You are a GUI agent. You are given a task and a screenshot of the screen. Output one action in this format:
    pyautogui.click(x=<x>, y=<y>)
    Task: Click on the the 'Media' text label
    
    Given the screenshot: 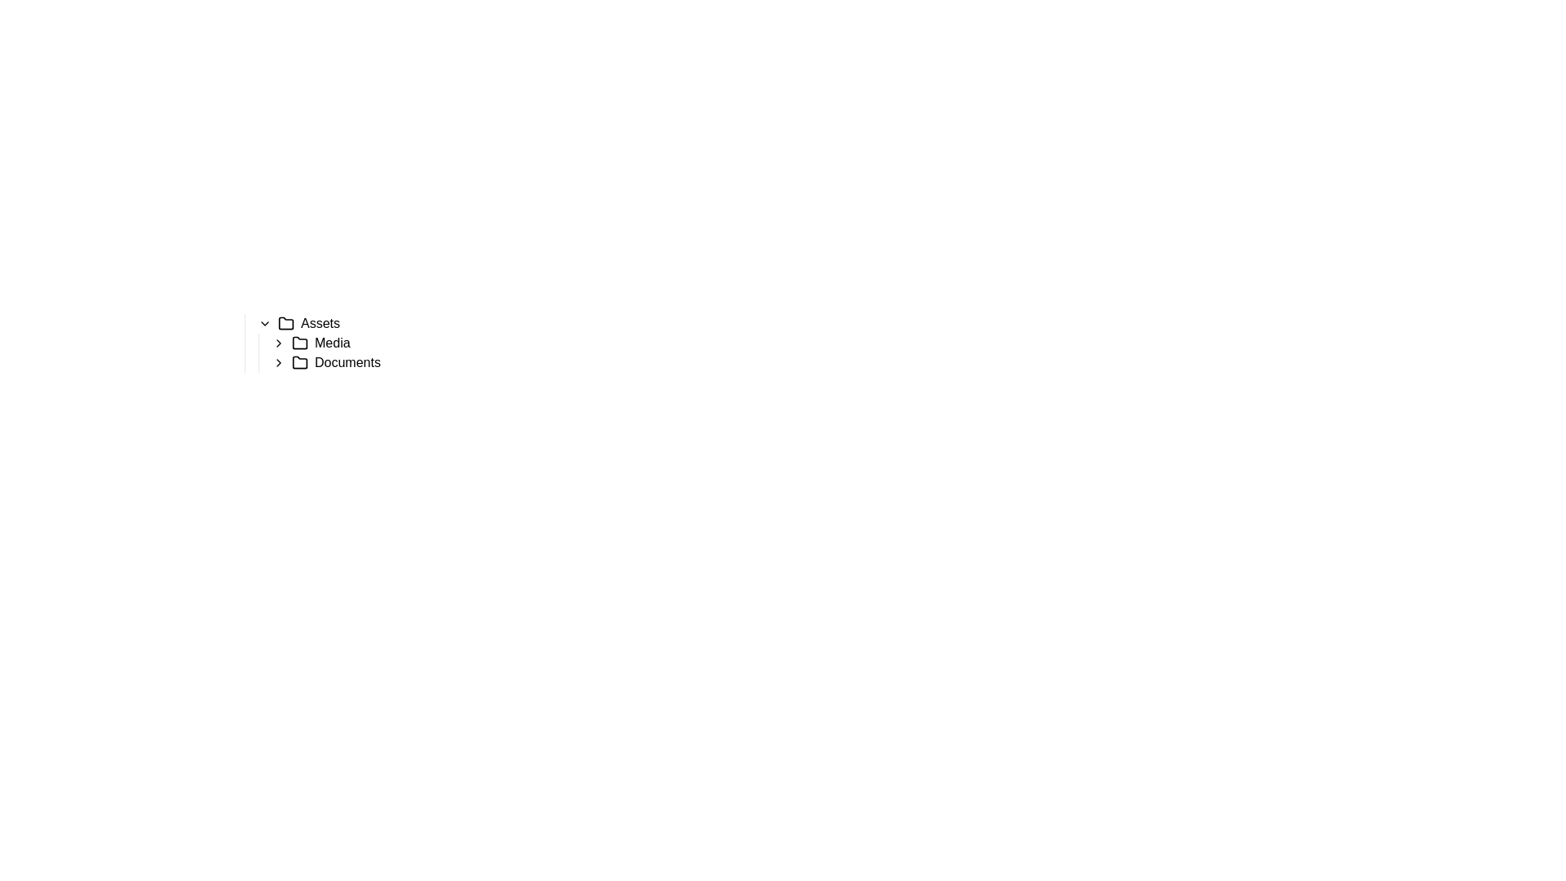 What is the action you would take?
    pyautogui.click(x=331, y=342)
    